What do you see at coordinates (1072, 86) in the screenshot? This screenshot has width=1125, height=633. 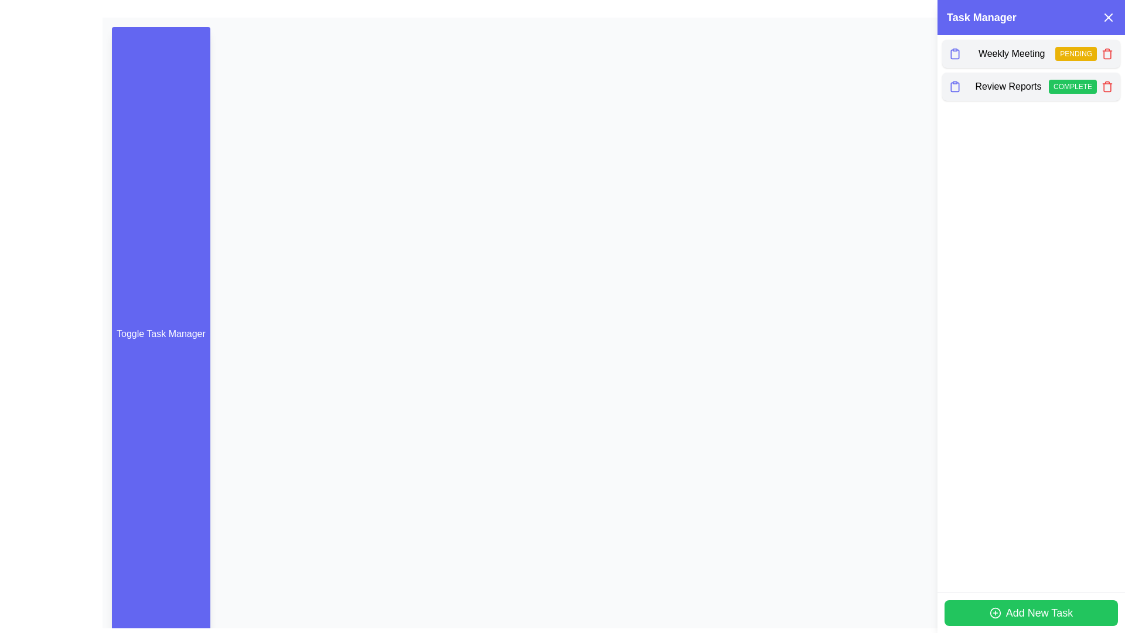 I see `the 'COMPLETE' label with a green background and white uppercase text, located in the 'Task Manager' section to the right of the 'Review Reports' row` at bounding box center [1072, 86].